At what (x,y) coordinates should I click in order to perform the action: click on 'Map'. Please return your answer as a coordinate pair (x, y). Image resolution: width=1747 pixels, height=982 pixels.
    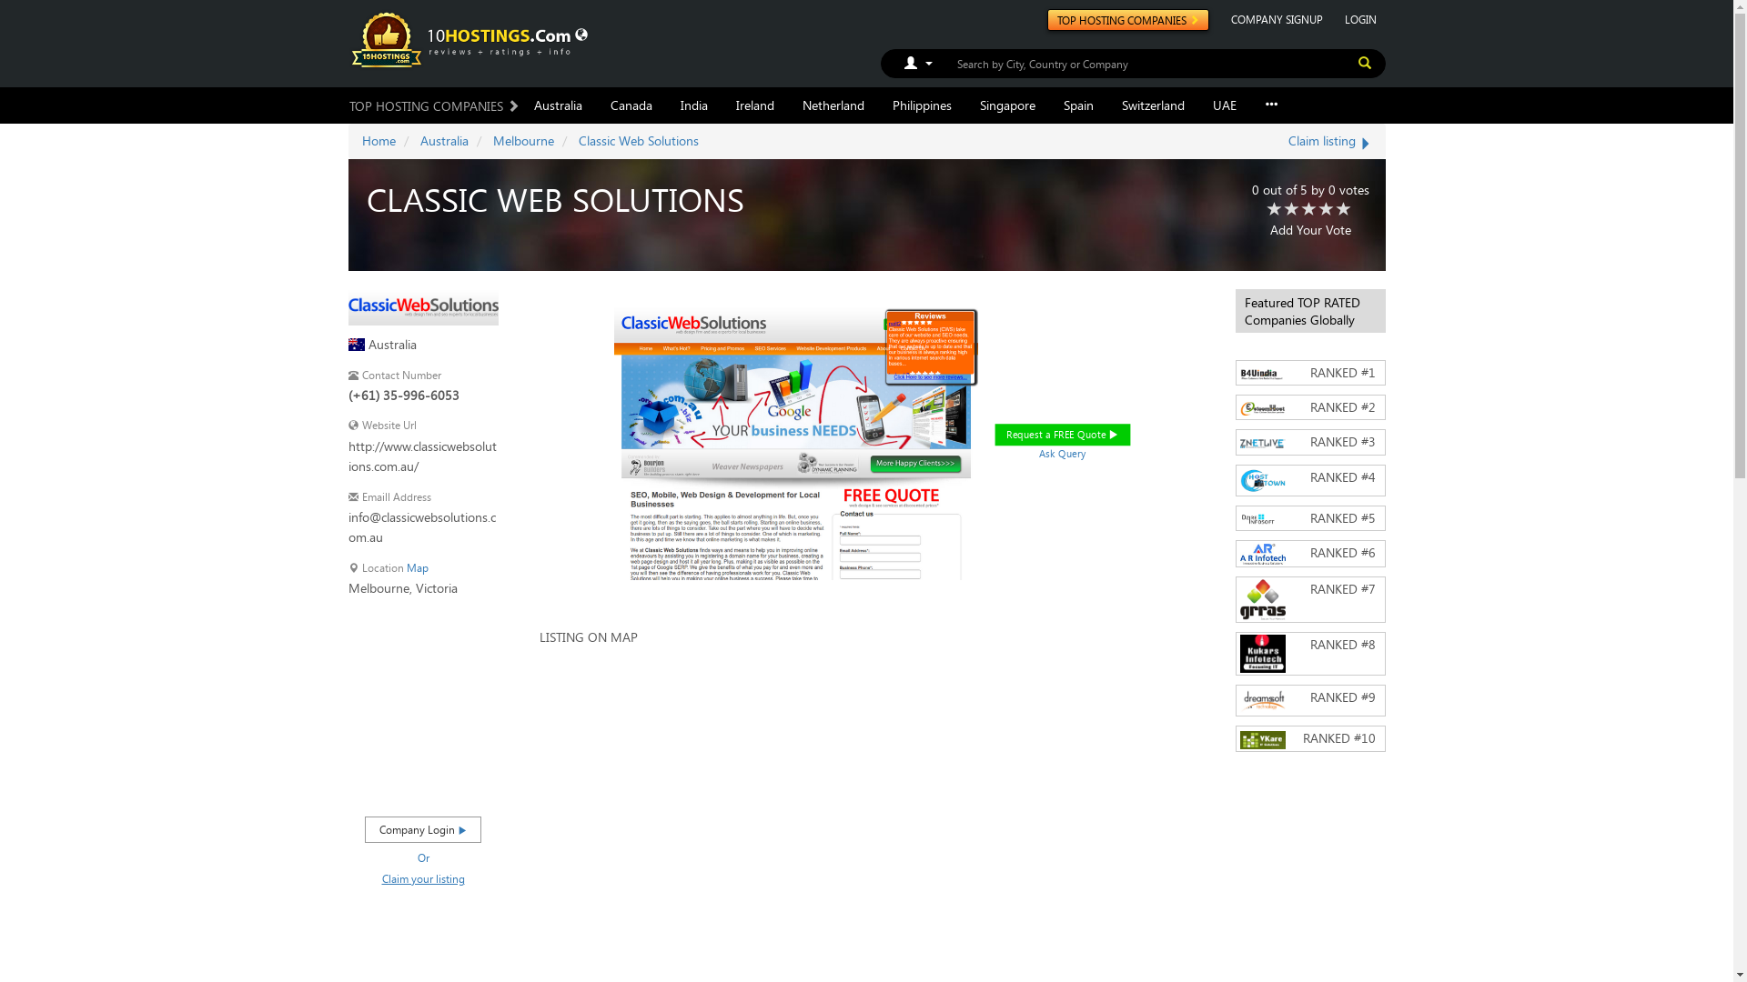
    Looking at the image, I should click on (415, 566).